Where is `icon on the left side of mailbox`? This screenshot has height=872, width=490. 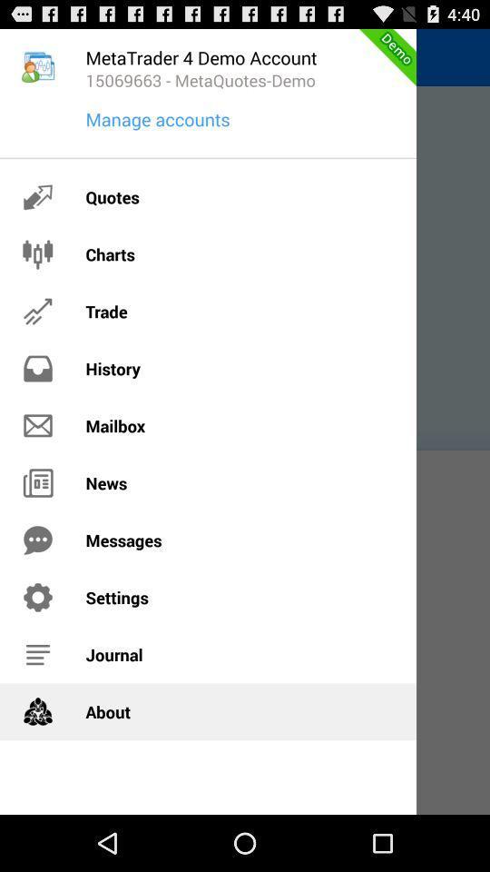 icon on the left side of mailbox is located at coordinates (38, 425).